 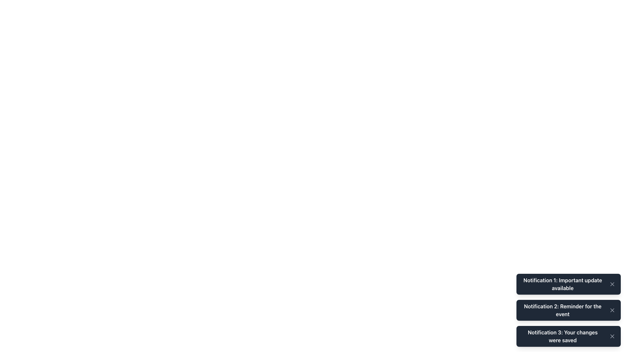 I want to click on the close icon button located at the rightmost end of the notification box labeled 'Notification 3: Your changes were saved', so click(x=612, y=336).